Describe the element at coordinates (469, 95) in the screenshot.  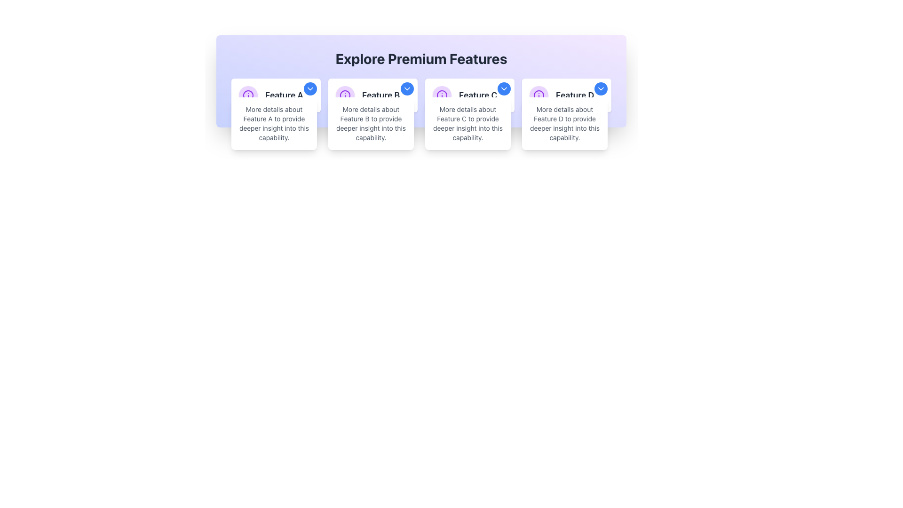
I see `the Feature Card, which is the third card from the left in a grid of four items, displaying a purple-bordered icon and bold text 'Feature C'` at that location.